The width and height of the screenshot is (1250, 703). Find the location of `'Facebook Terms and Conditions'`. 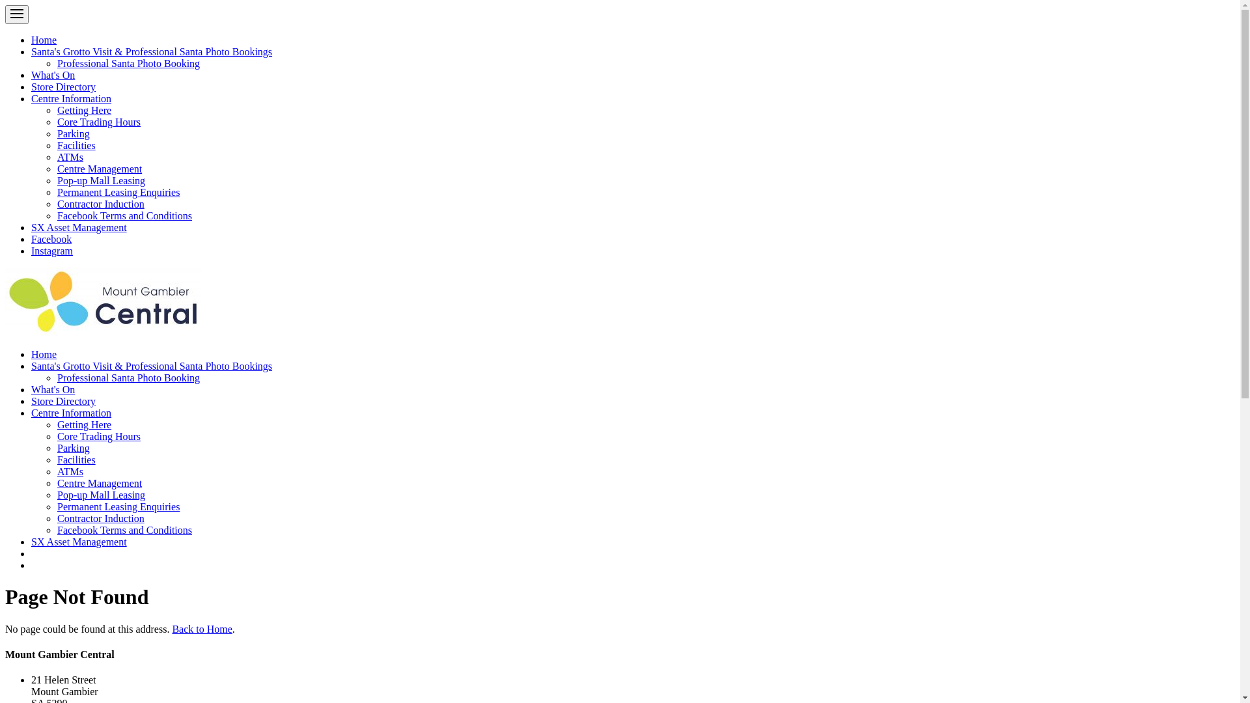

'Facebook Terms and Conditions' is located at coordinates (124, 215).